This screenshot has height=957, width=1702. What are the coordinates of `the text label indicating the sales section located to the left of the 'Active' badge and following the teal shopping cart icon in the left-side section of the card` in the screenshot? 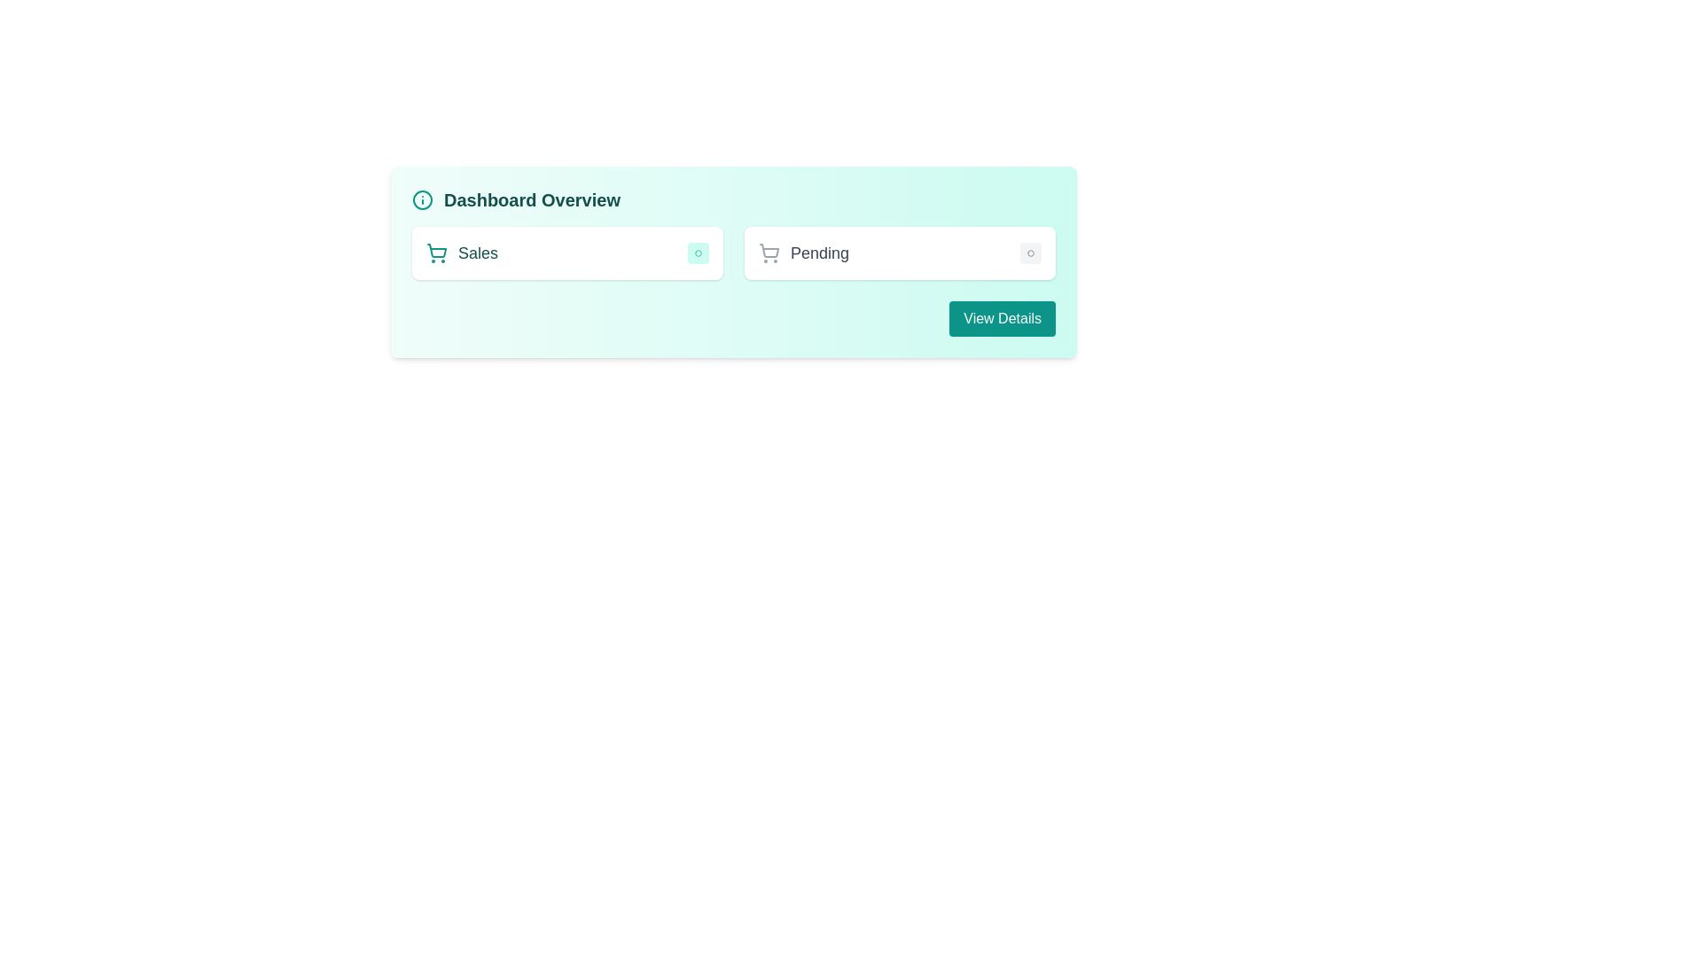 It's located at (462, 253).